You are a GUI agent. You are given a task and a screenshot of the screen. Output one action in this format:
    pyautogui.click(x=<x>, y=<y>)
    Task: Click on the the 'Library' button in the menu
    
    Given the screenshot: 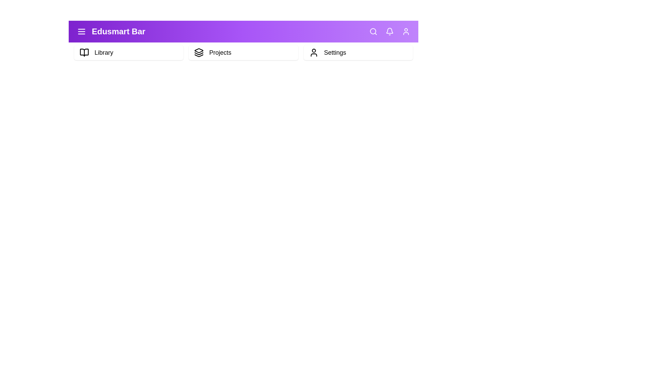 What is the action you would take?
    pyautogui.click(x=129, y=52)
    